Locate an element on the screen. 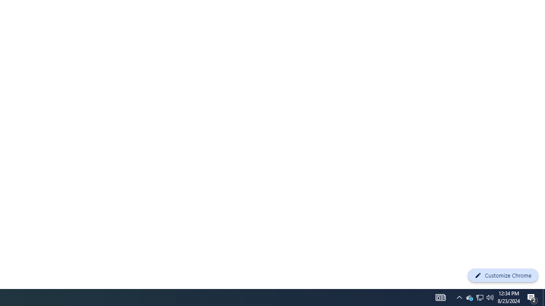 This screenshot has width=545, height=306. 'AutomationID: 4105' is located at coordinates (440, 297).